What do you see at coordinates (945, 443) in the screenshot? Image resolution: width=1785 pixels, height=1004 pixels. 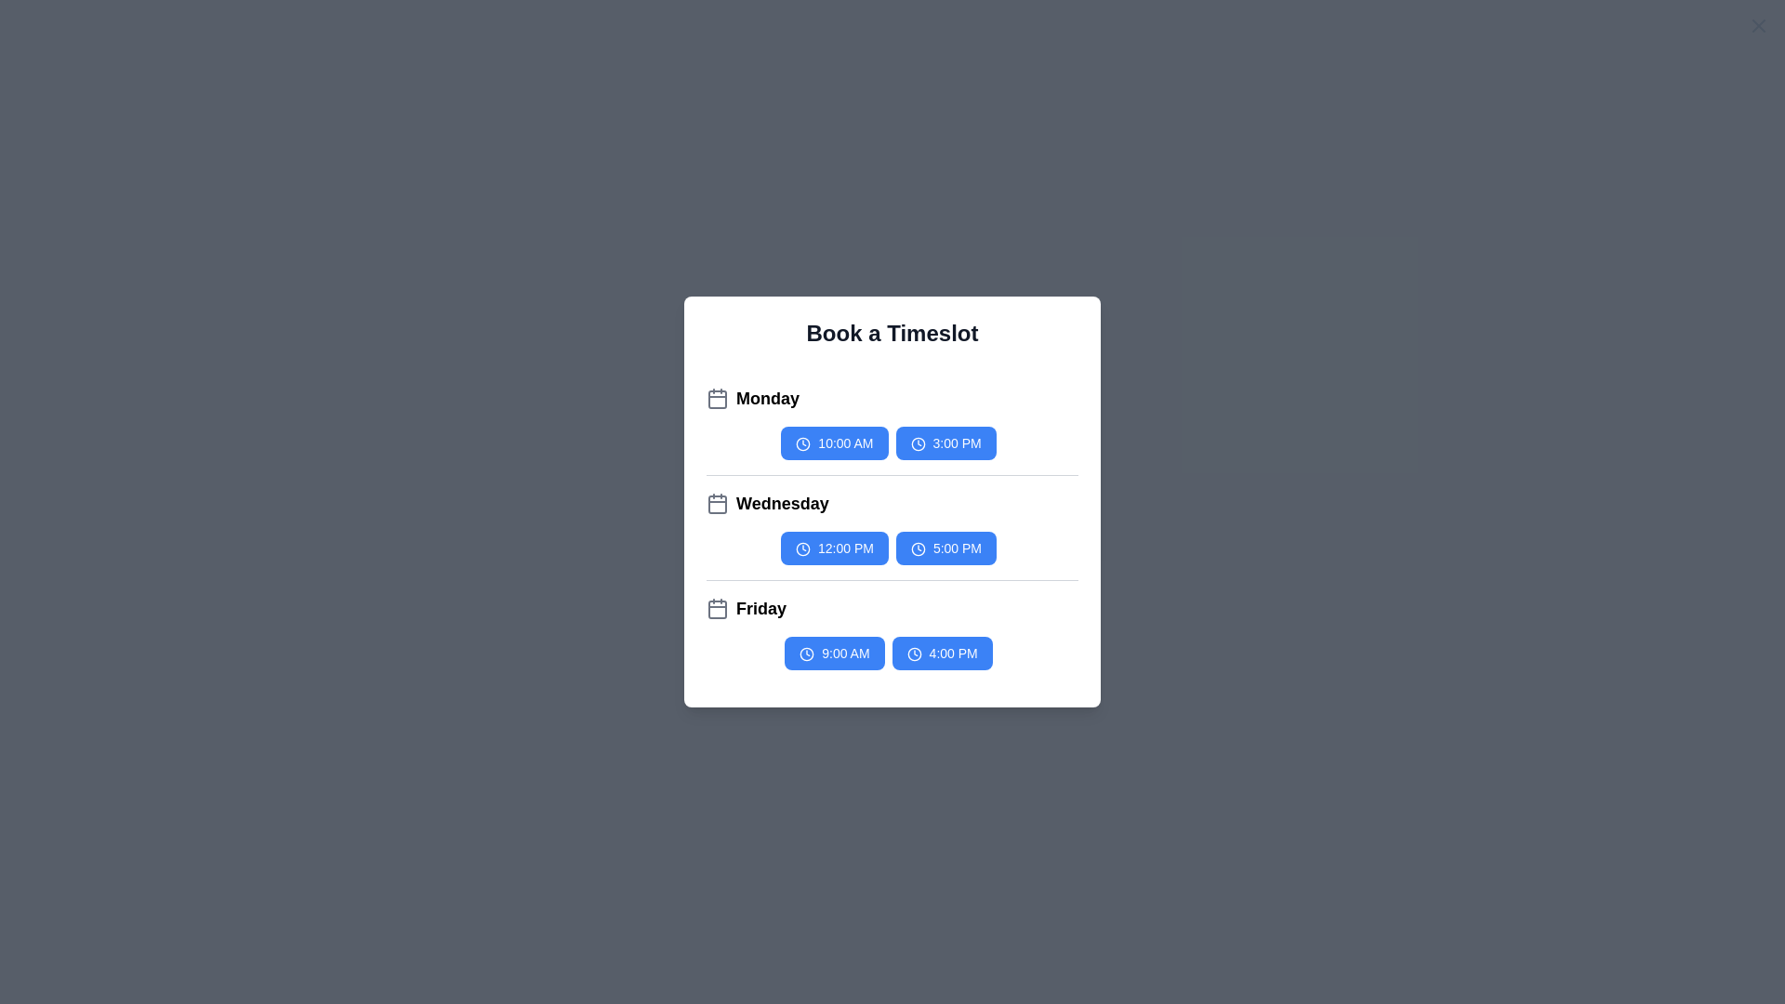 I see `the timeslot button labeled 3:00 PM` at bounding box center [945, 443].